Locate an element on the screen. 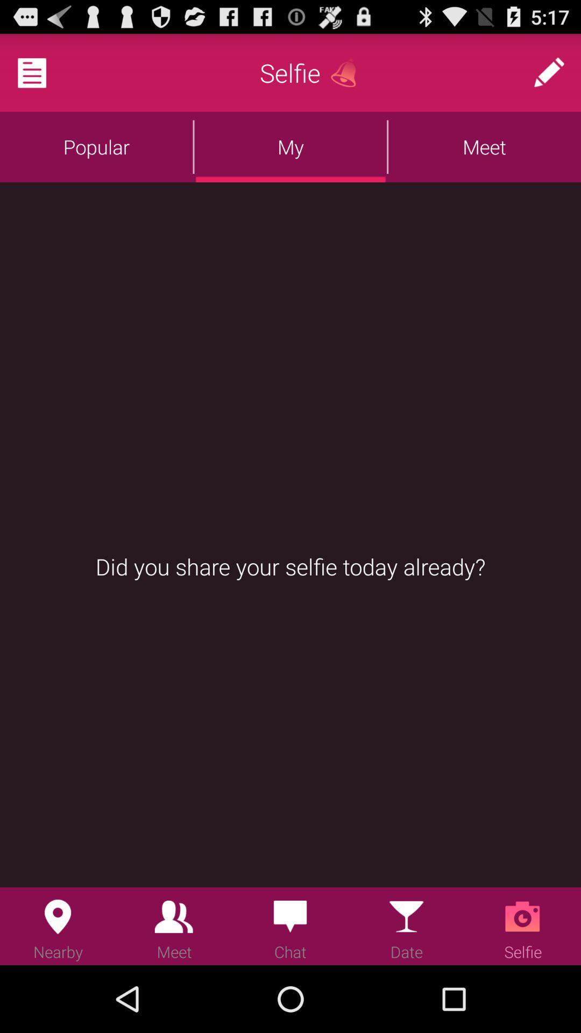 Image resolution: width=581 pixels, height=1033 pixels. the edit icon is located at coordinates (549, 77).